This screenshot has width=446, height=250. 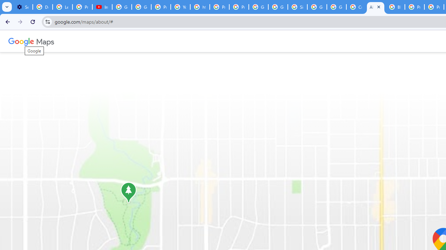 I want to click on 'Sign in - Google Accounts', so click(x=297, y=7).